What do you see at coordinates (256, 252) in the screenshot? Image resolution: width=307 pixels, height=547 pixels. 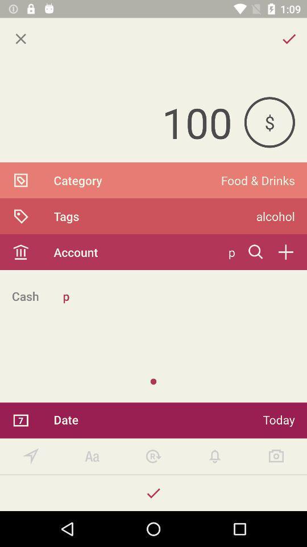 I see `item to the right of the p item` at bounding box center [256, 252].